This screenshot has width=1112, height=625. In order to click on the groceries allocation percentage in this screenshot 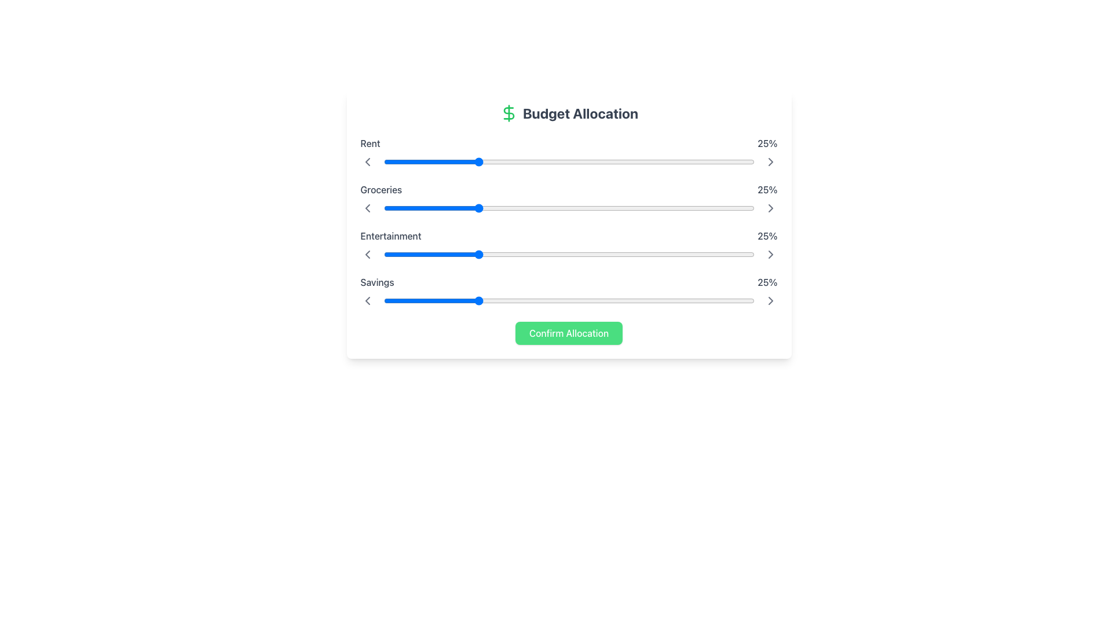, I will do `click(580, 207)`.